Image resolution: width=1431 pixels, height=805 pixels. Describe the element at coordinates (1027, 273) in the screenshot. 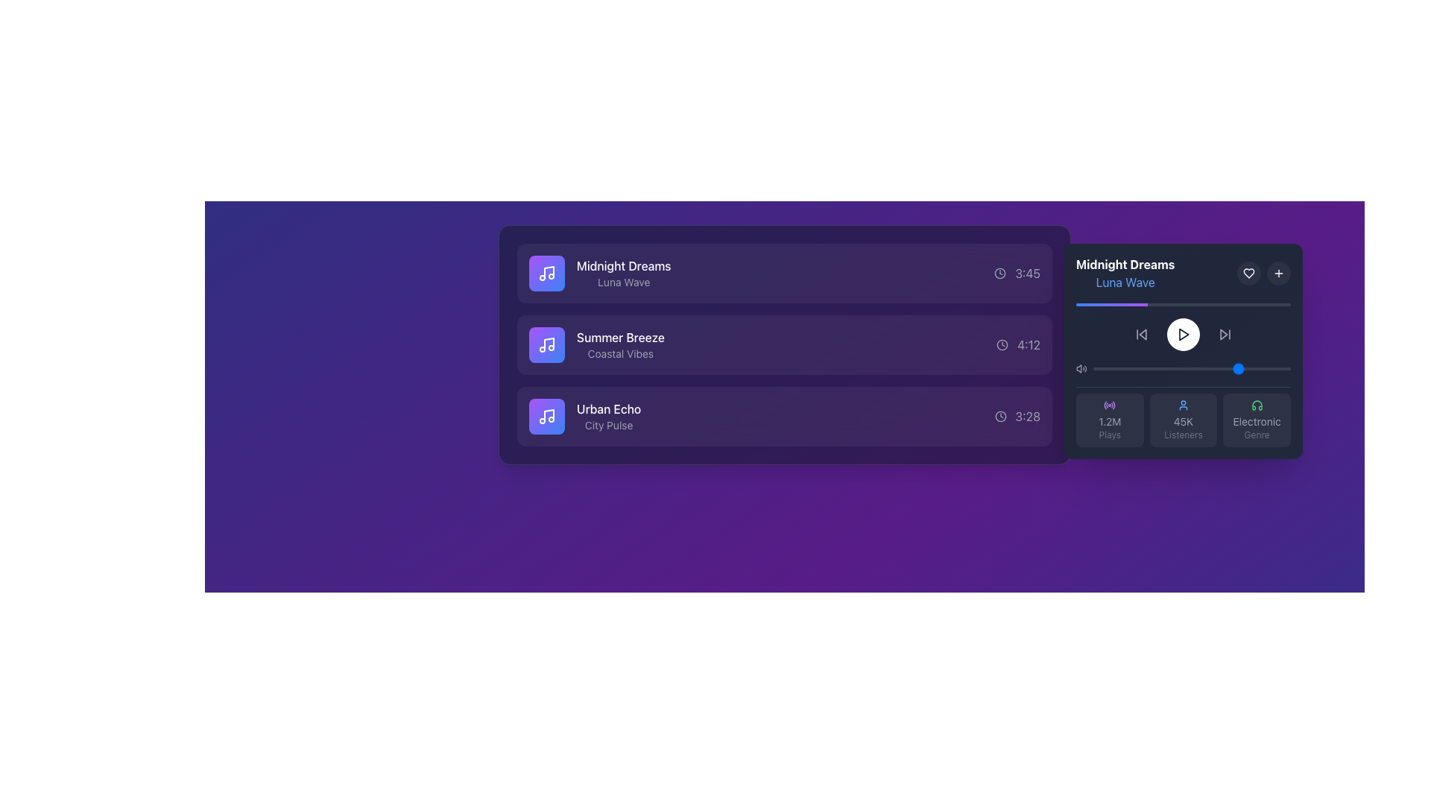

I see `the label displaying the time '3:45', which is light gray and located right after a clock icon in a horizontal list of items` at that location.